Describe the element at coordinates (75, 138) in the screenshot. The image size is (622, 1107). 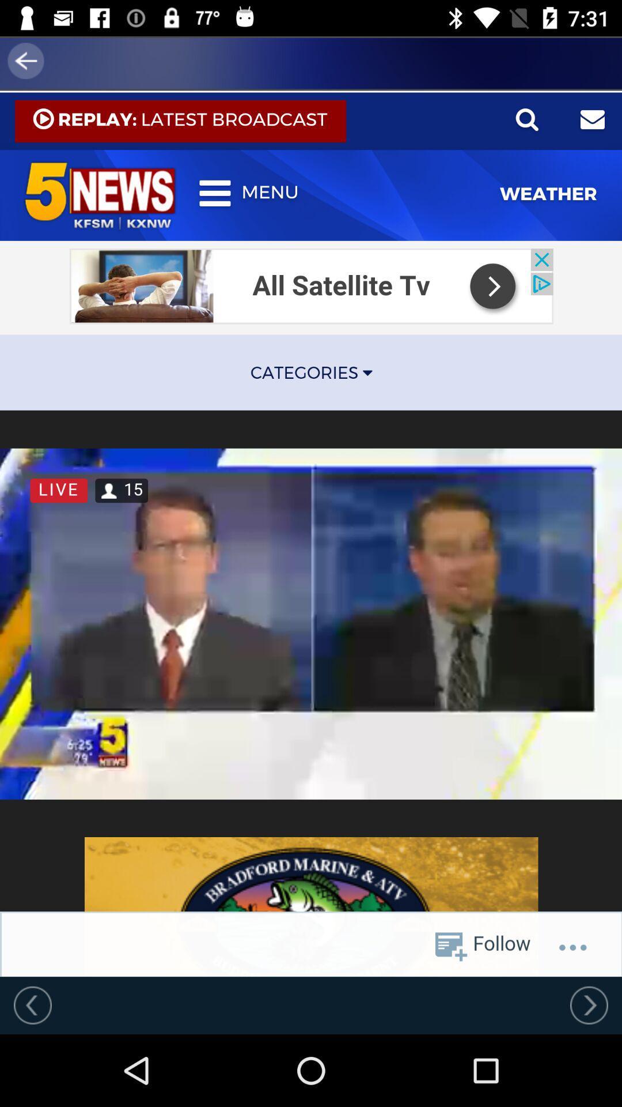
I see `the close icon` at that location.